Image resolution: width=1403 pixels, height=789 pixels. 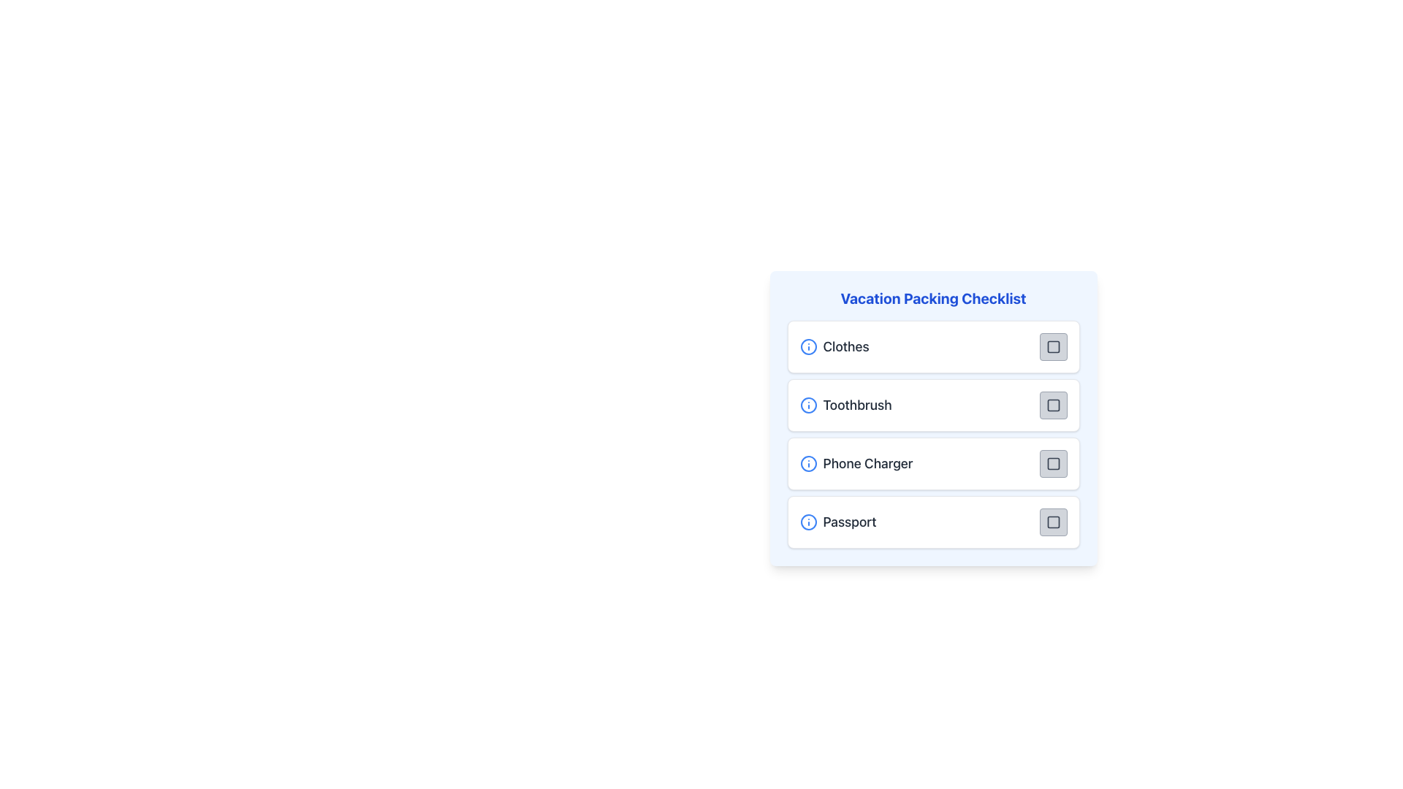 I want to click on label 'Toothbrush' from the second list item in the Vacation Packing Checklist, which features a blue info icon followed by the bold text 'Toothbrush', so click(x=845, y=405).